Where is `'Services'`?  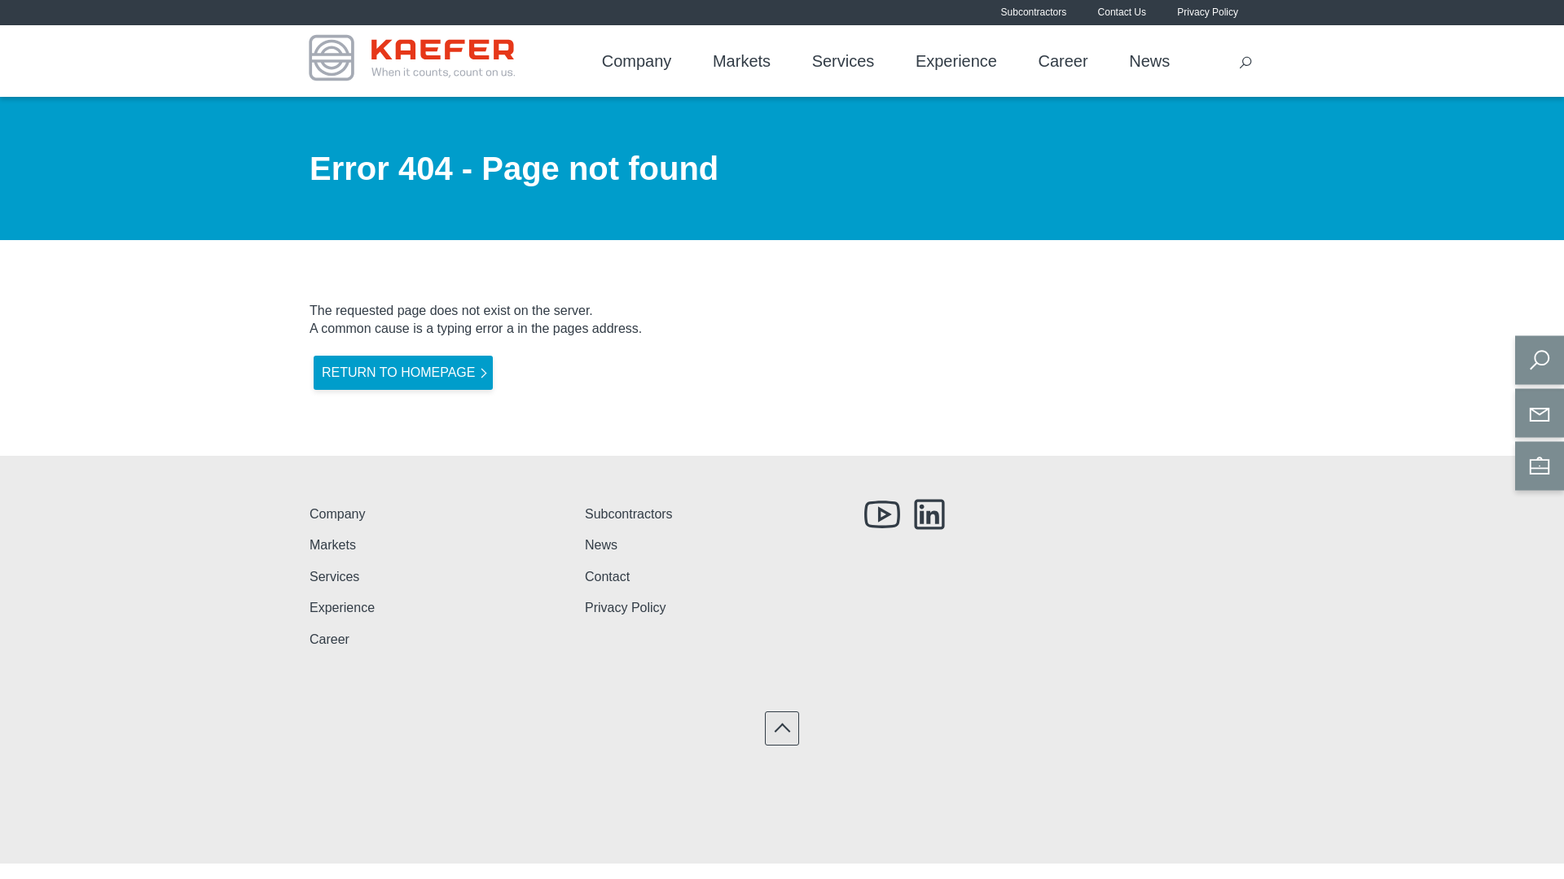
'Services' is located at coordinates (309, 576).